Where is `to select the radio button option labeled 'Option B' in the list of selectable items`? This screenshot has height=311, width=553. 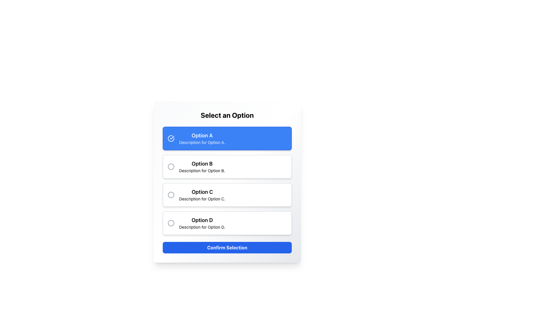 to select the radio button option labeled 'Option B' in the list of selectable items is located at coordinates (202, 166).